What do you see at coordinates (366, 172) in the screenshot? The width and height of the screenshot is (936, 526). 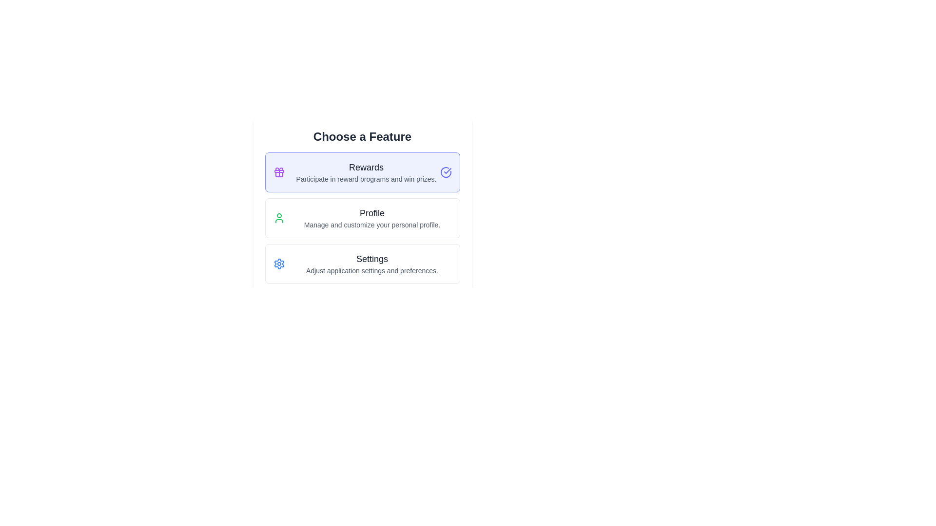 I see `the static text element displaying the title 'Rewards' and its description 'Participate in reward programs and win prizes.' located in the upper section of the indigo-highlighted button among similar elements` at bounding box center [366, 172].